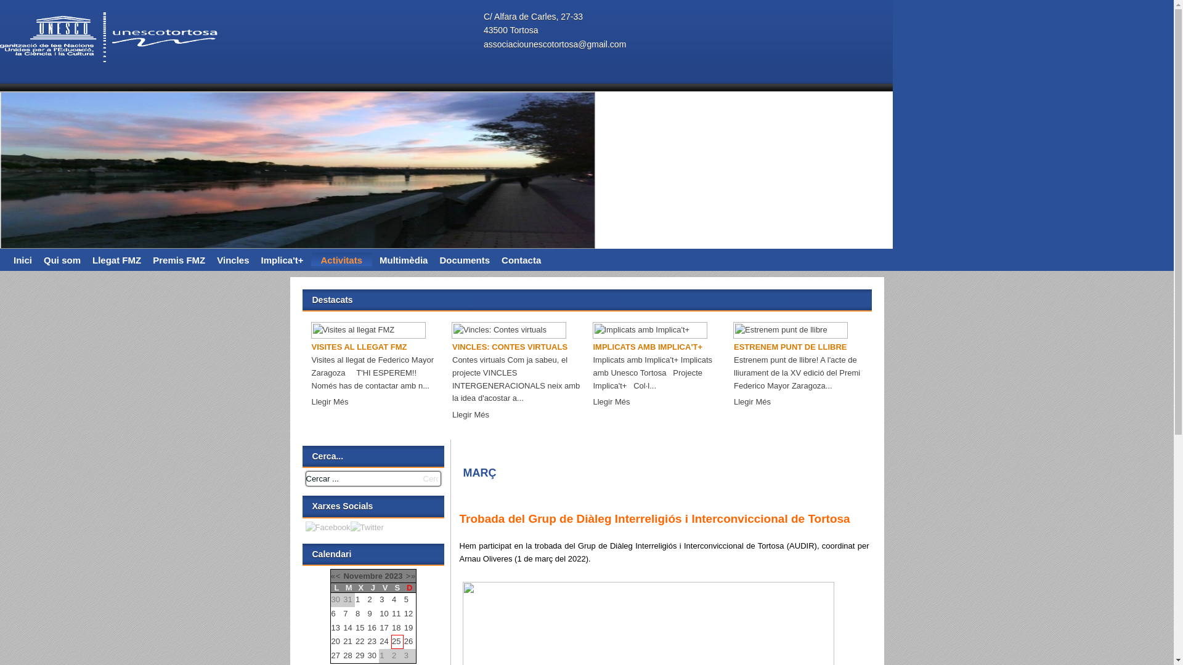  What do you see at coordinates (383, 627) in the screenshot?
I see `'17'` at bounding box center [383, 627].